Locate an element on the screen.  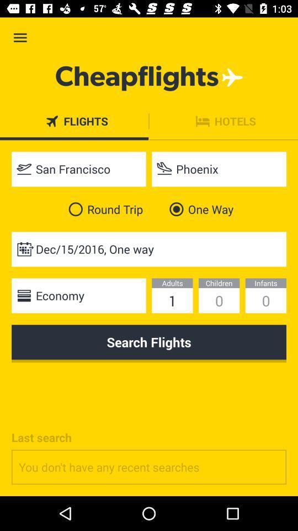
search flights is located at coordinates (149, 343).